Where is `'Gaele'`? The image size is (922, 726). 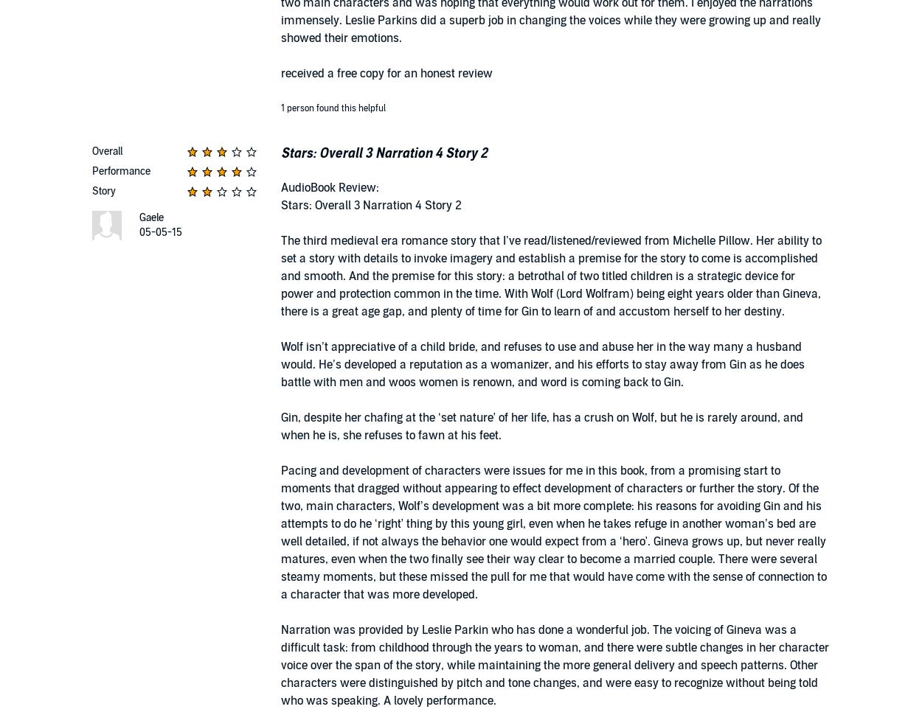 'Gaele' is located at coordinates (150, 217).